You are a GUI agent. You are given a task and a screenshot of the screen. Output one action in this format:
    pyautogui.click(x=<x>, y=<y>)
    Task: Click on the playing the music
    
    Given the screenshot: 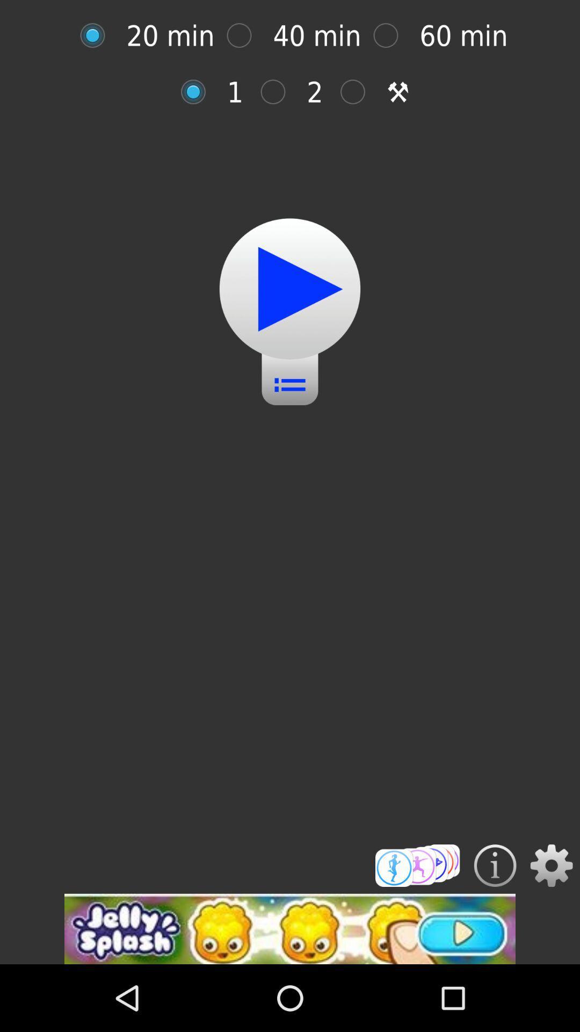 What is the action you would take?
    pyautogui.click(x=290, y=289)
    